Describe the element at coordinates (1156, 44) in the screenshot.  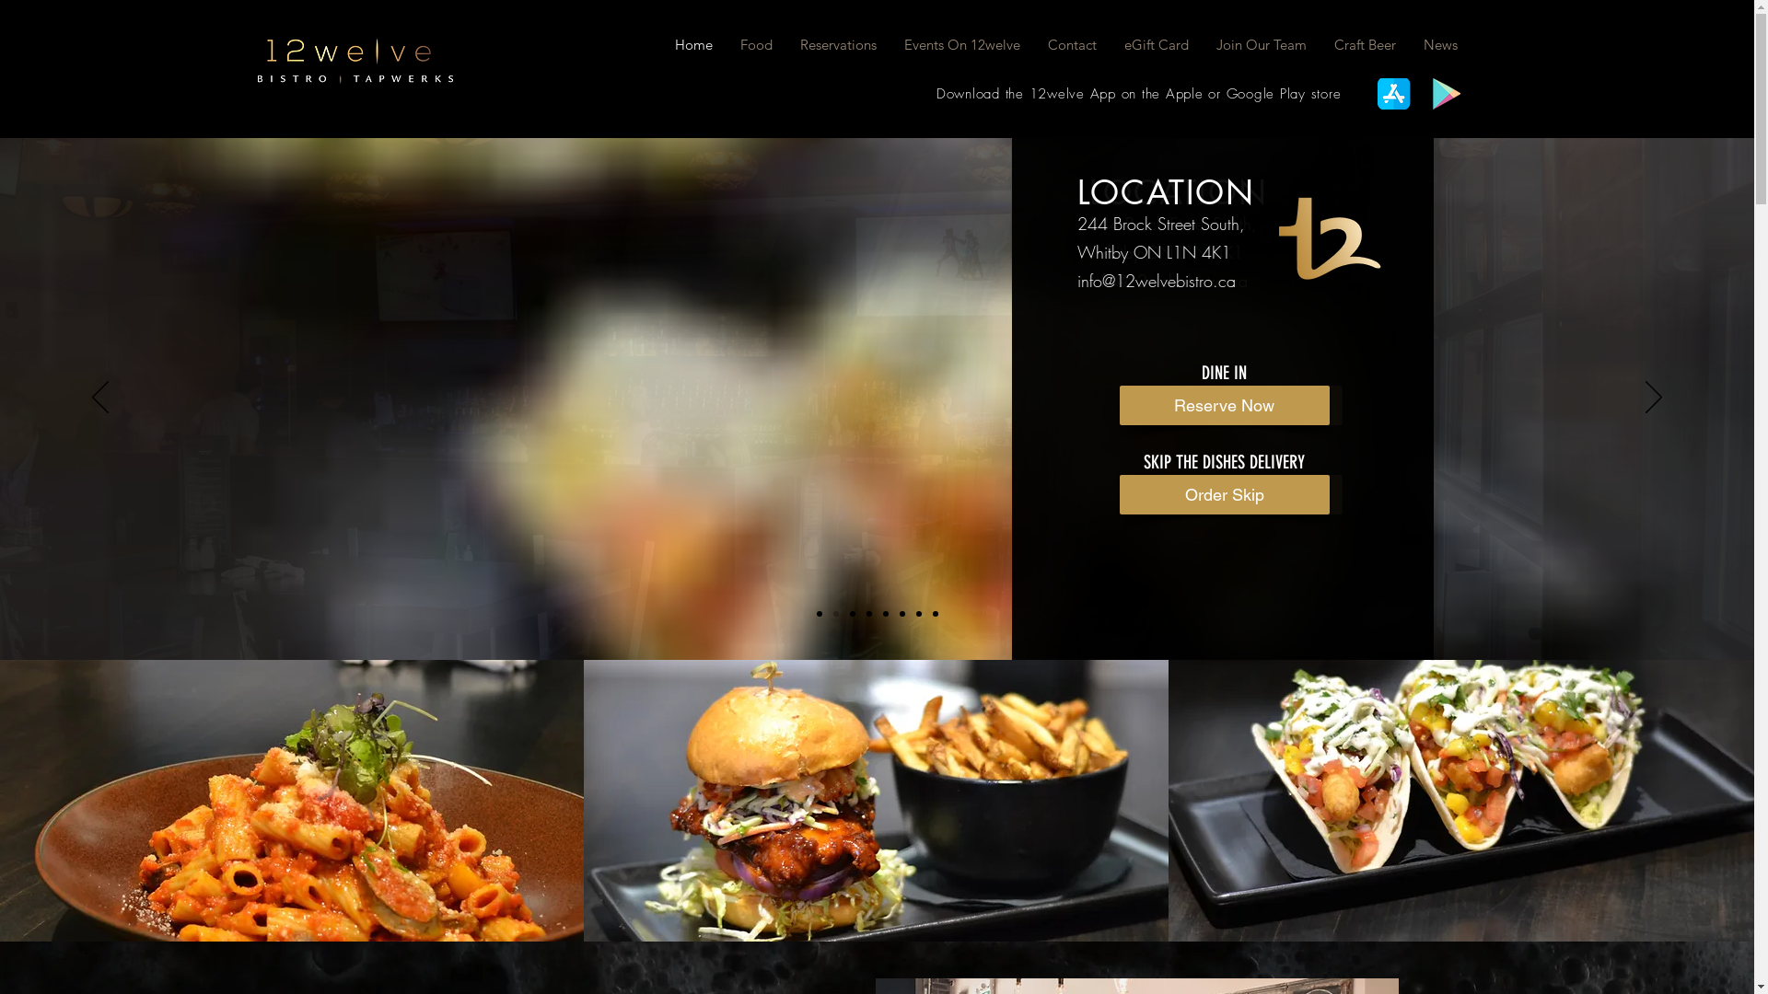
I see `'eGift Card'` at that location.